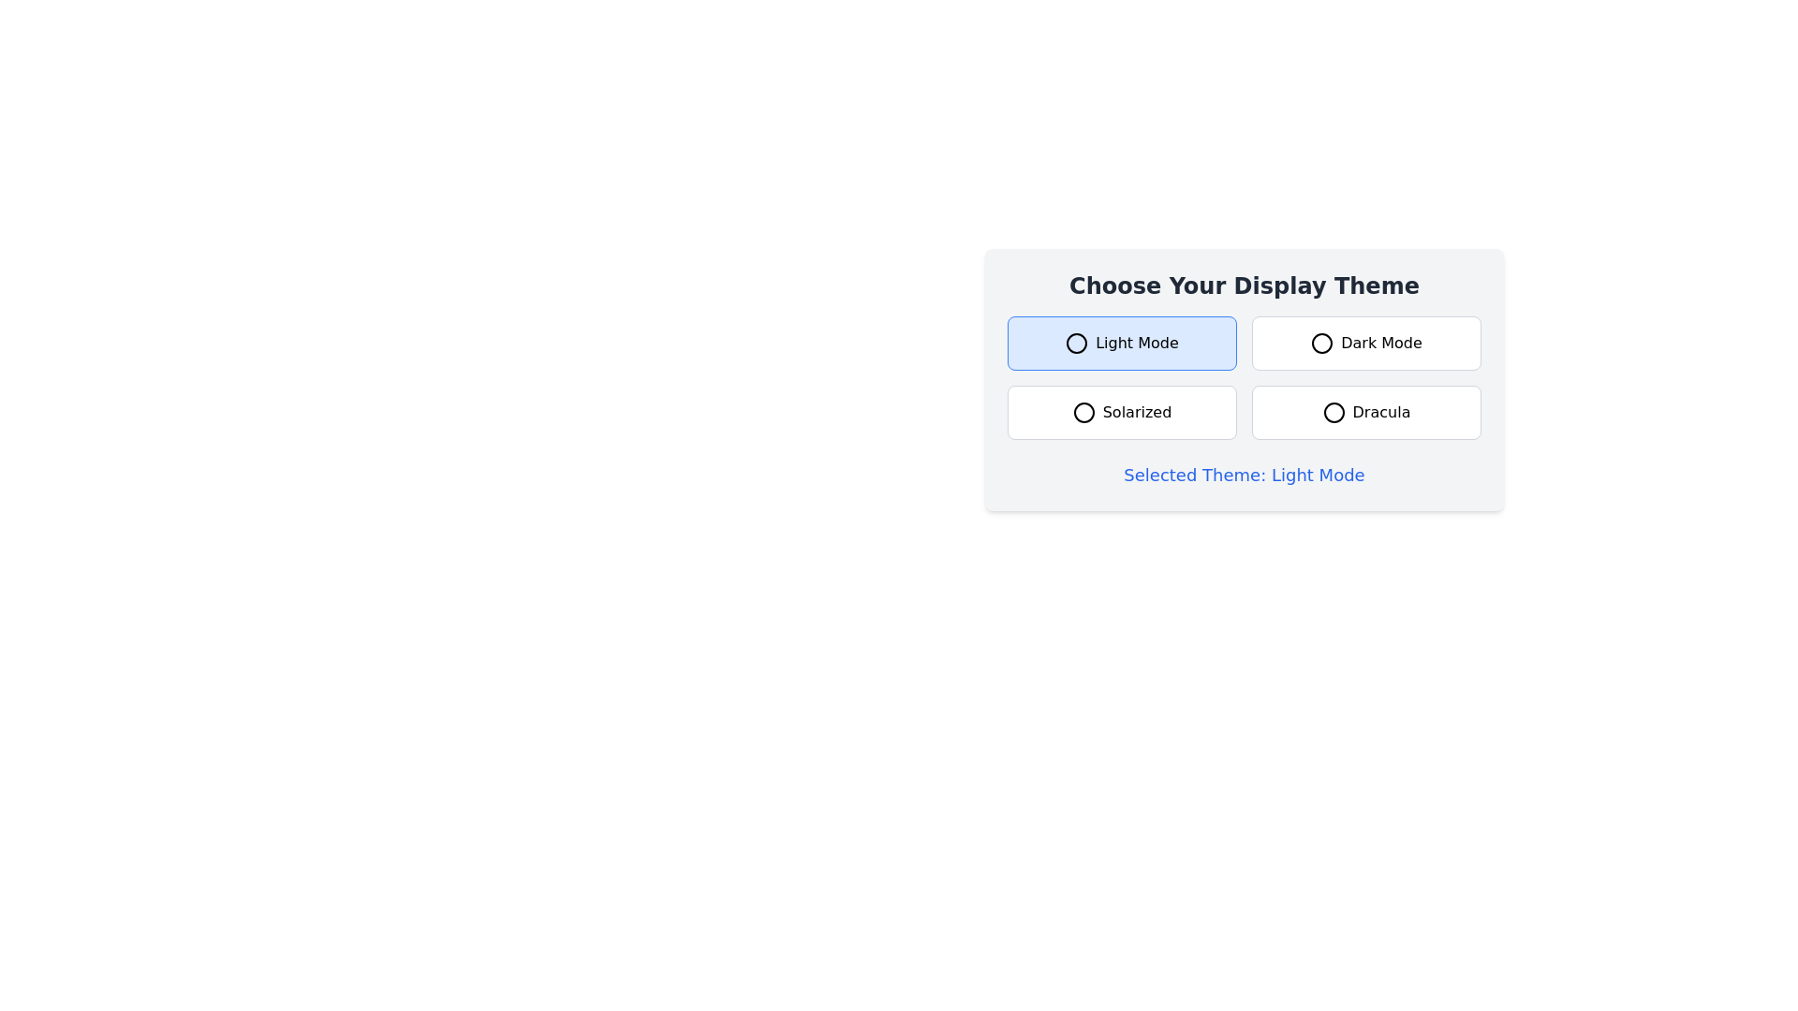  I want to click on the button, so click(1122, 411).